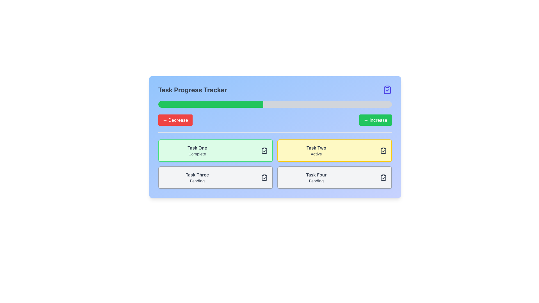 This screenshot has height=303, width=539. What do you see at coordinates (316, 150) in the screenshot?
I see `the text label displaying 'Task Two' with status 'Active', which is located in the second column of the task list grid and has a yellow background` at bounding box center [316, 150].